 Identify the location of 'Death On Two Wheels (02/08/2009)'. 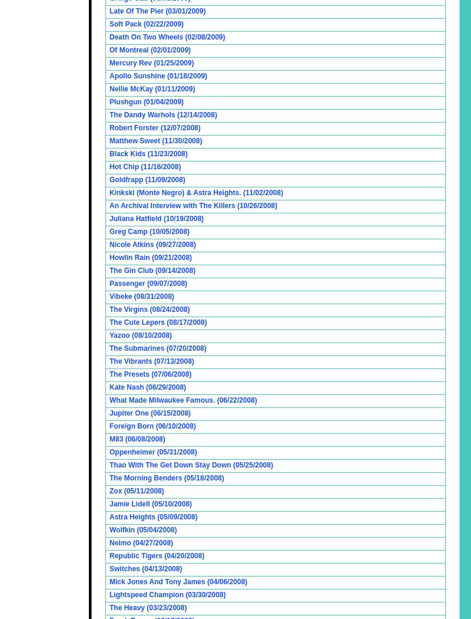
(167, 37).